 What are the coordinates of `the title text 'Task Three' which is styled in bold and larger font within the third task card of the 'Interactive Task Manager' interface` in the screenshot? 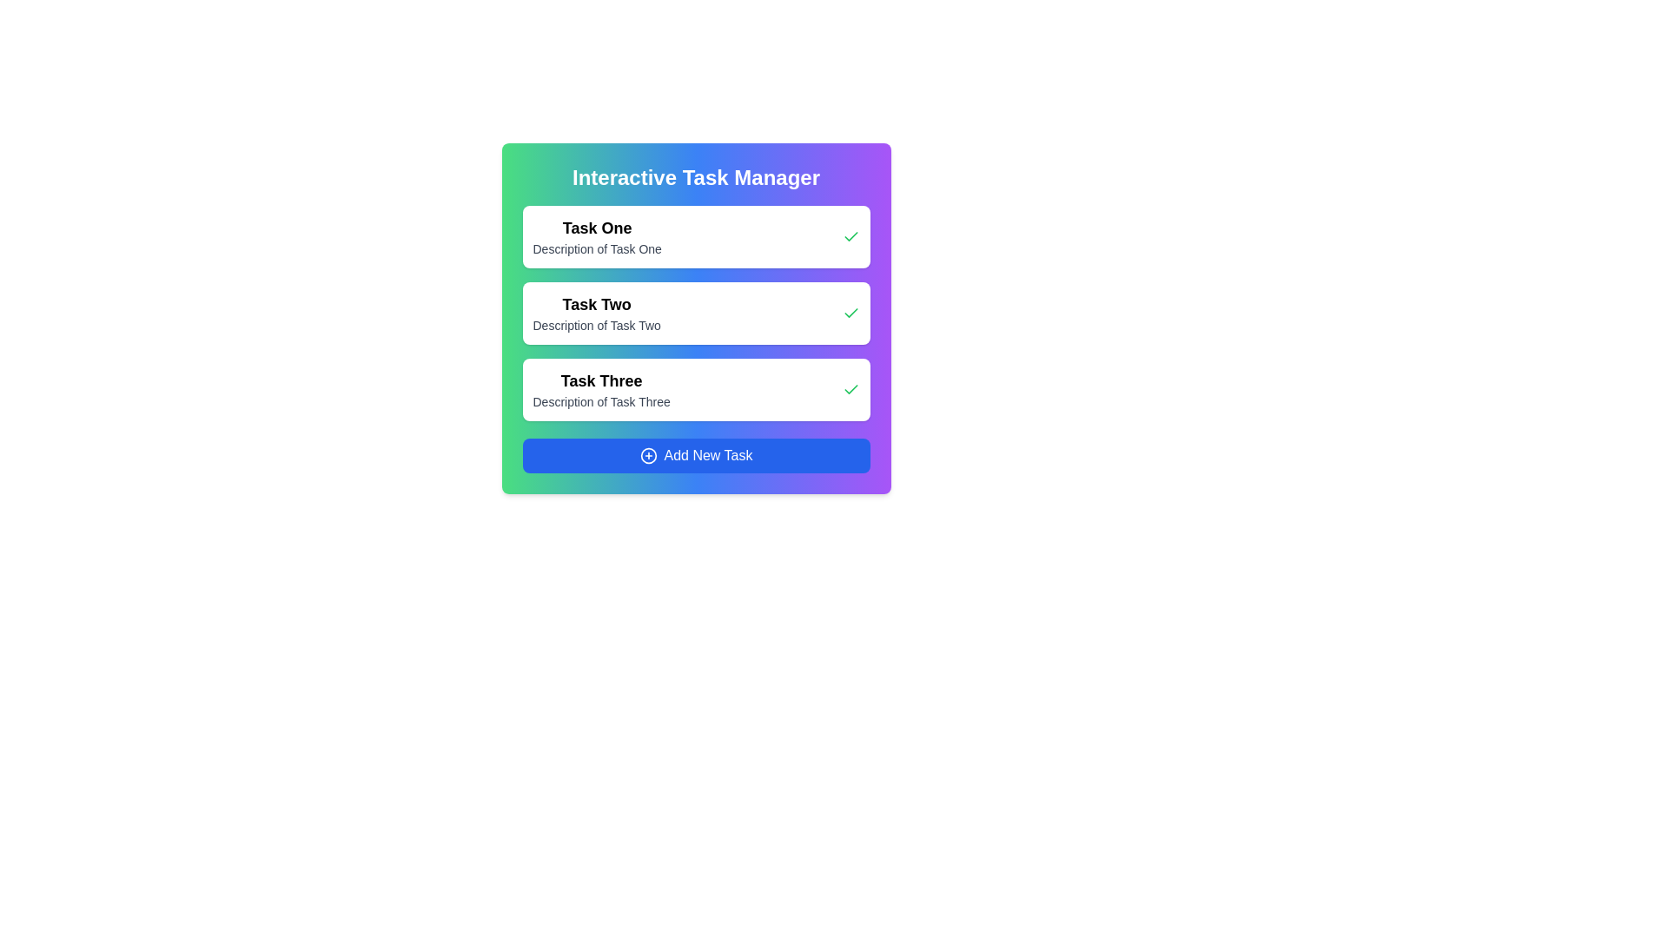 It's located at (601, 380).